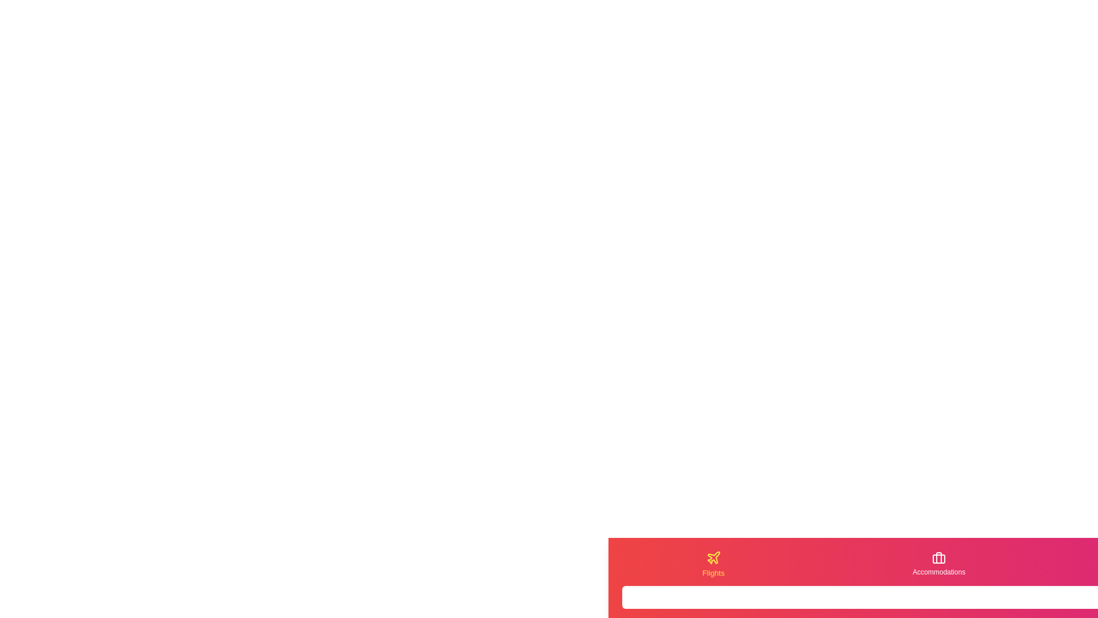 Image resolution: width=1098 pixels, height=618 pixels. I want to click on the tab labeled 'Accommodations' to observe the hover effect, so click(939, 564).